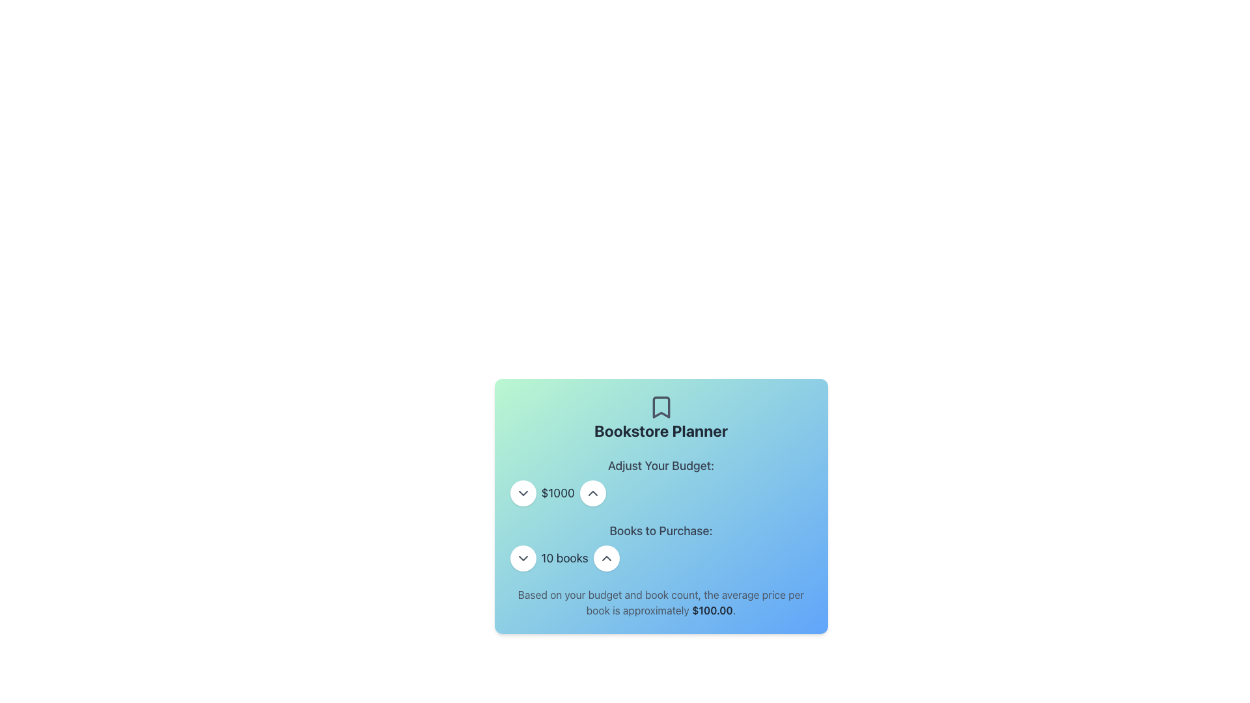 The image size is (1250, 703). Describe the element at coordinates (523, 557) in the screenshot. I see `the button to the left of the '10 books' text in the 'Books to Purchase:' section to reduce the intended purchase count` at that location.